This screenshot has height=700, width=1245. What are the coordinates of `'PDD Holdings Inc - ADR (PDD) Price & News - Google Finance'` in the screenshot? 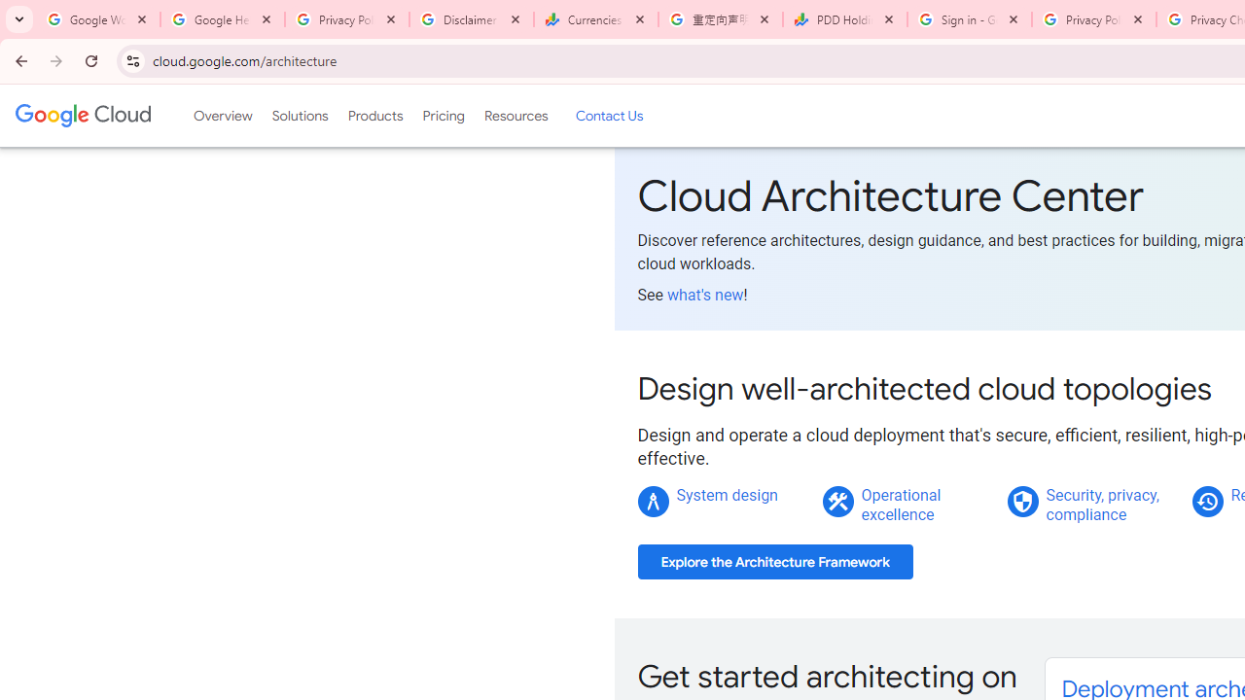 It's located at (845, 19).